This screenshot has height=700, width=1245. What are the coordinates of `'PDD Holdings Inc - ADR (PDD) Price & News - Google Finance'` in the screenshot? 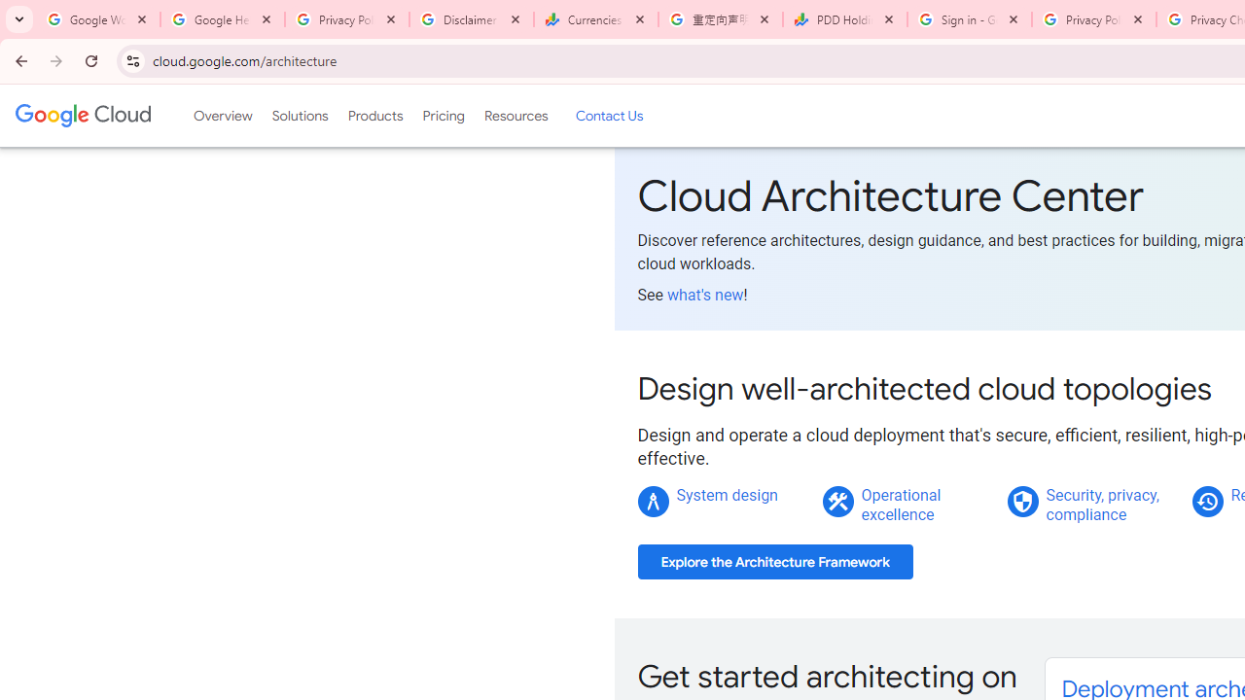 It's located at (845, 19).